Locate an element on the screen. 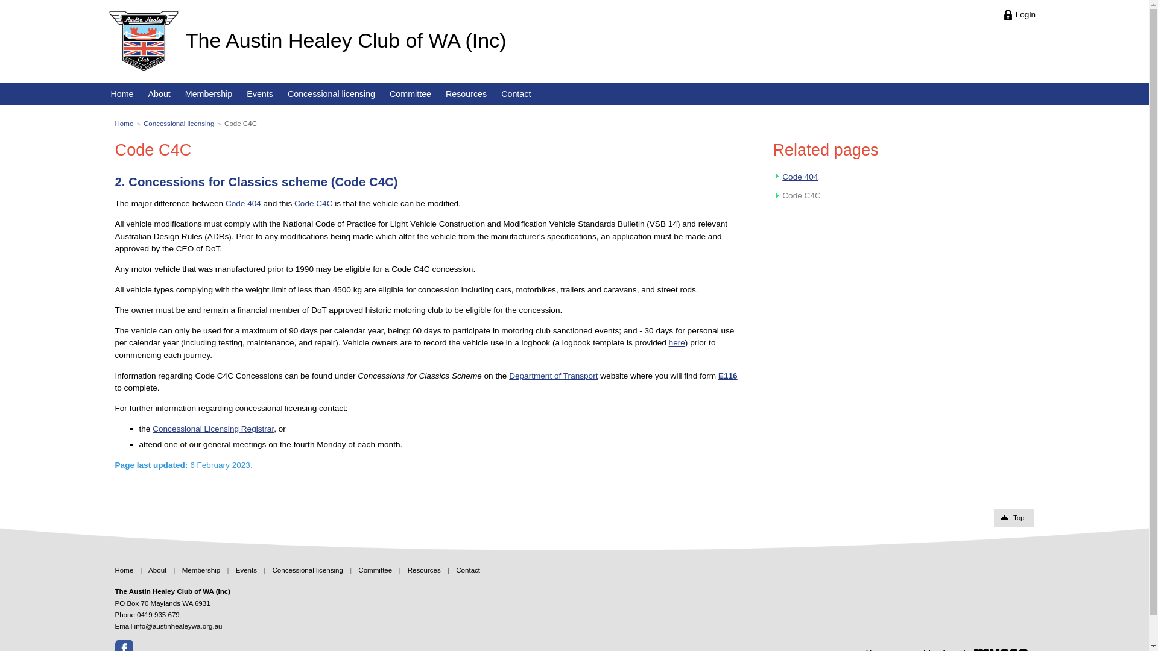  'Membership' is located at coordinates (209, 93).